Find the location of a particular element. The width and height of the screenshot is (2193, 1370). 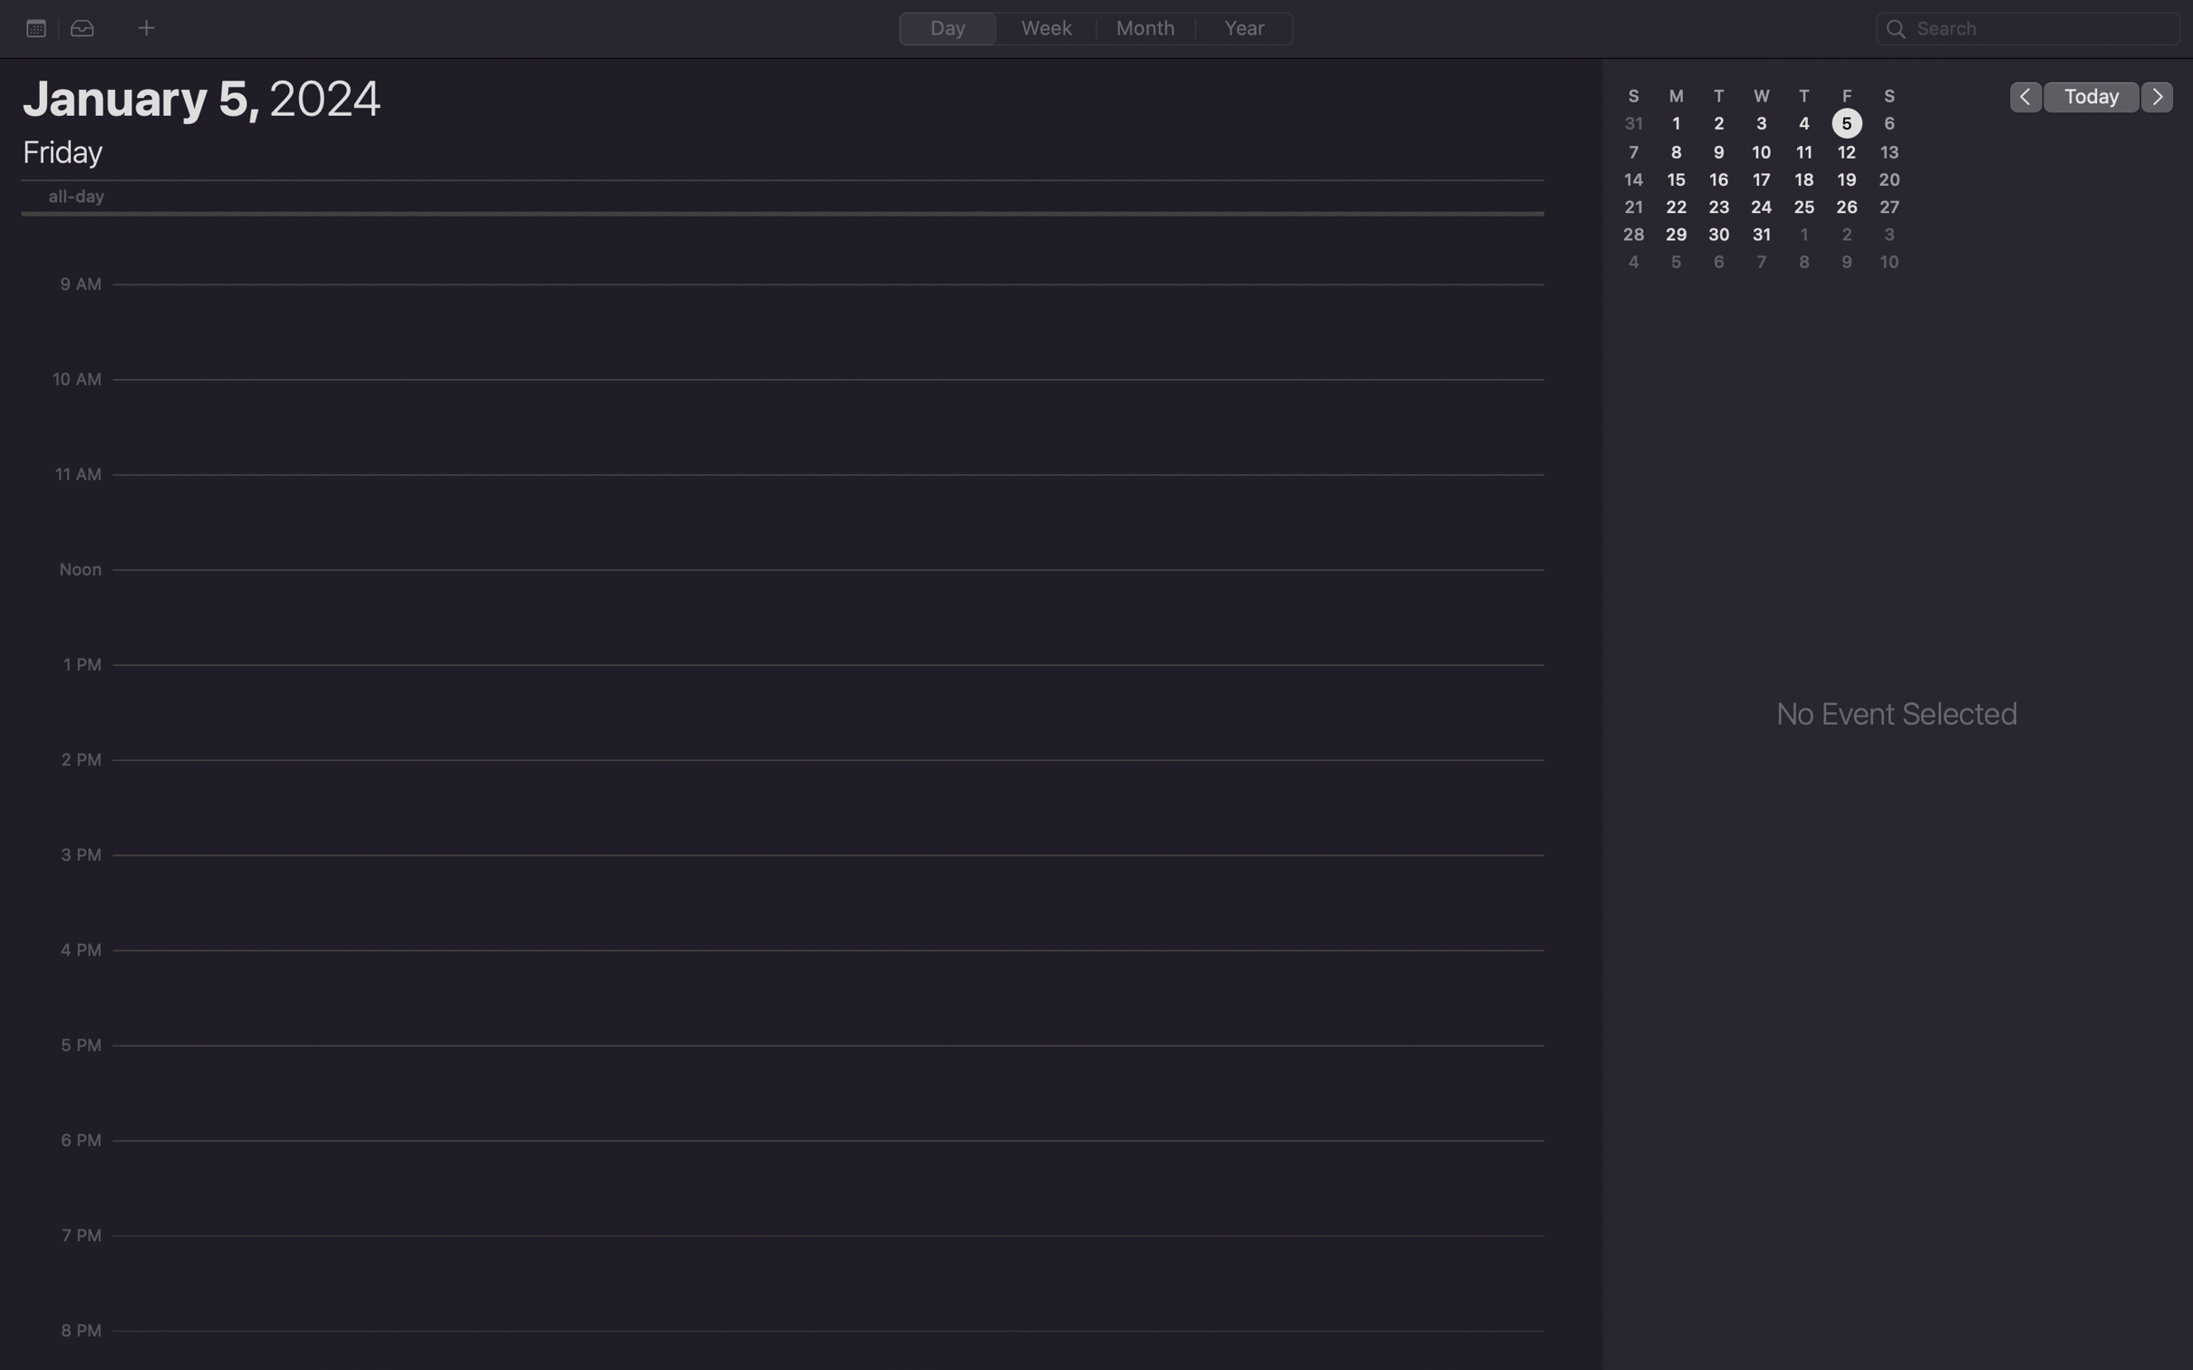

Change the calendar view to a single day is located at coordinates (947, 27).